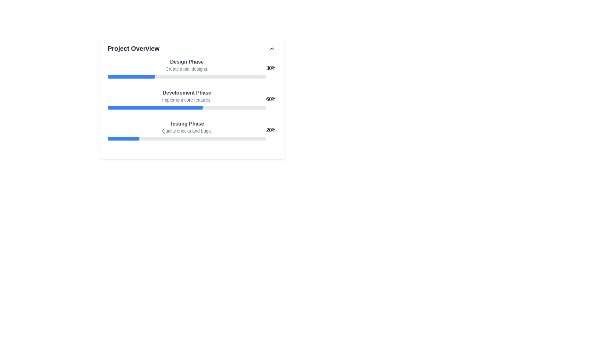 The width and height of the screenshot is (614, 345). Describe the element at coordinates (192, 102) in the screenshot. I see `the 'Development Phase' section of the progress tracker` at that location.